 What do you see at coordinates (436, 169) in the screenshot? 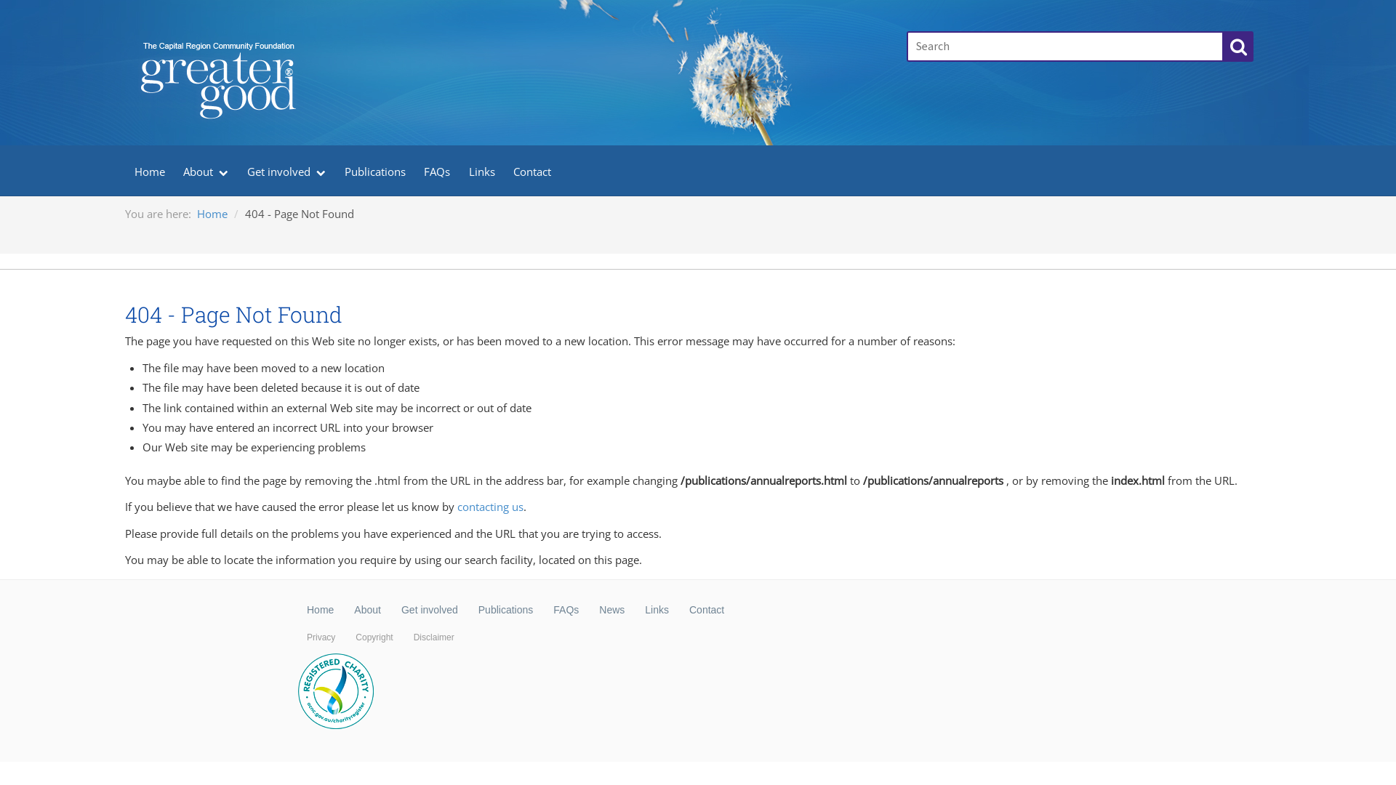
I see `'FAQs'` at bounding box center [436, 169].